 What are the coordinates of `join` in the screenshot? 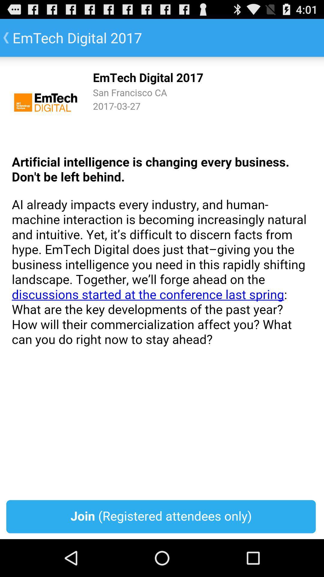 It's located at (162, 298).